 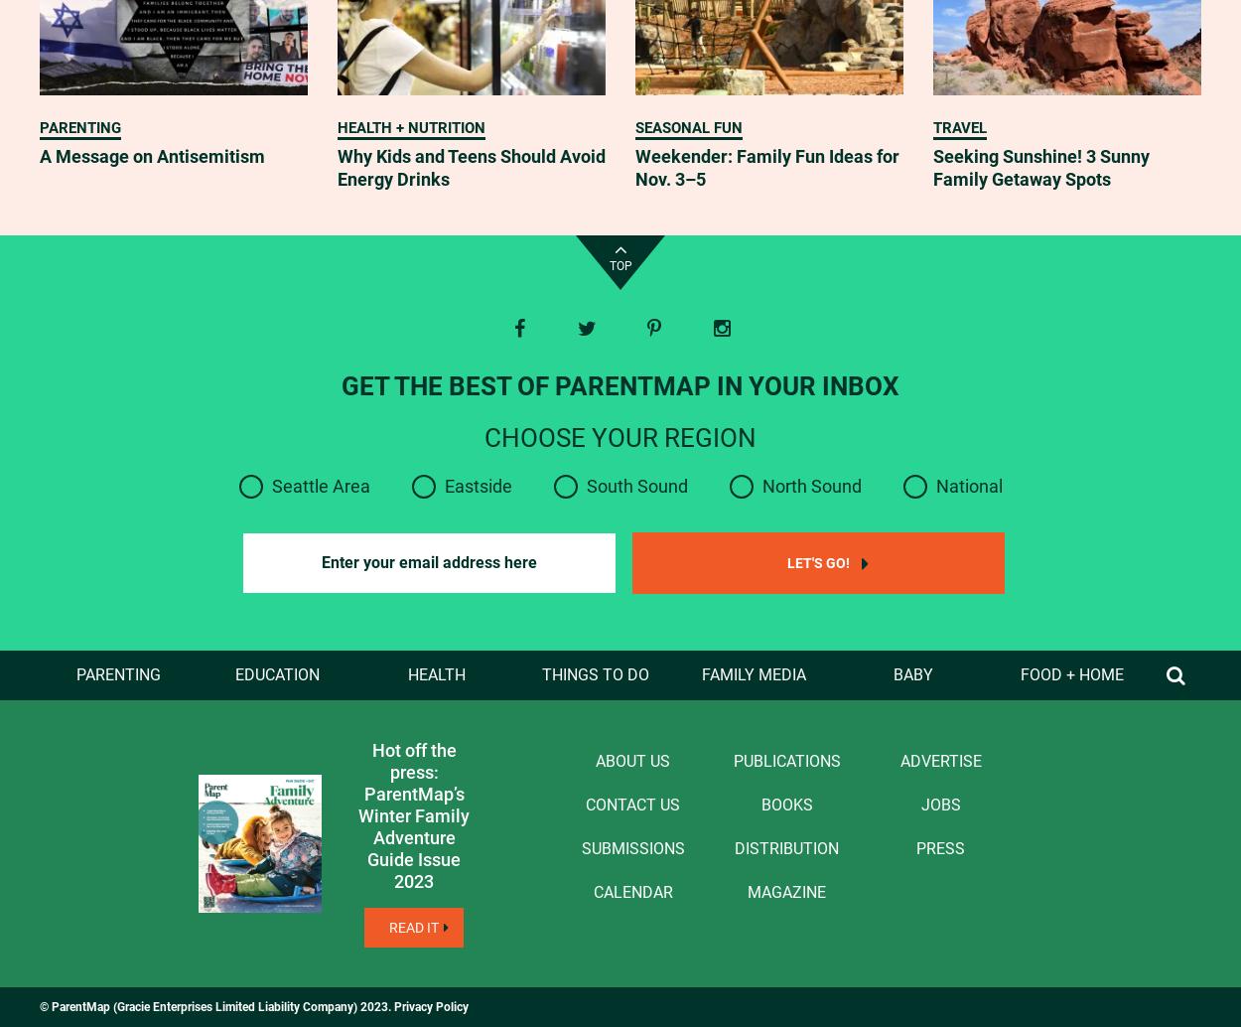 I want to click on 'North Sound', so click(x=810, y=485).